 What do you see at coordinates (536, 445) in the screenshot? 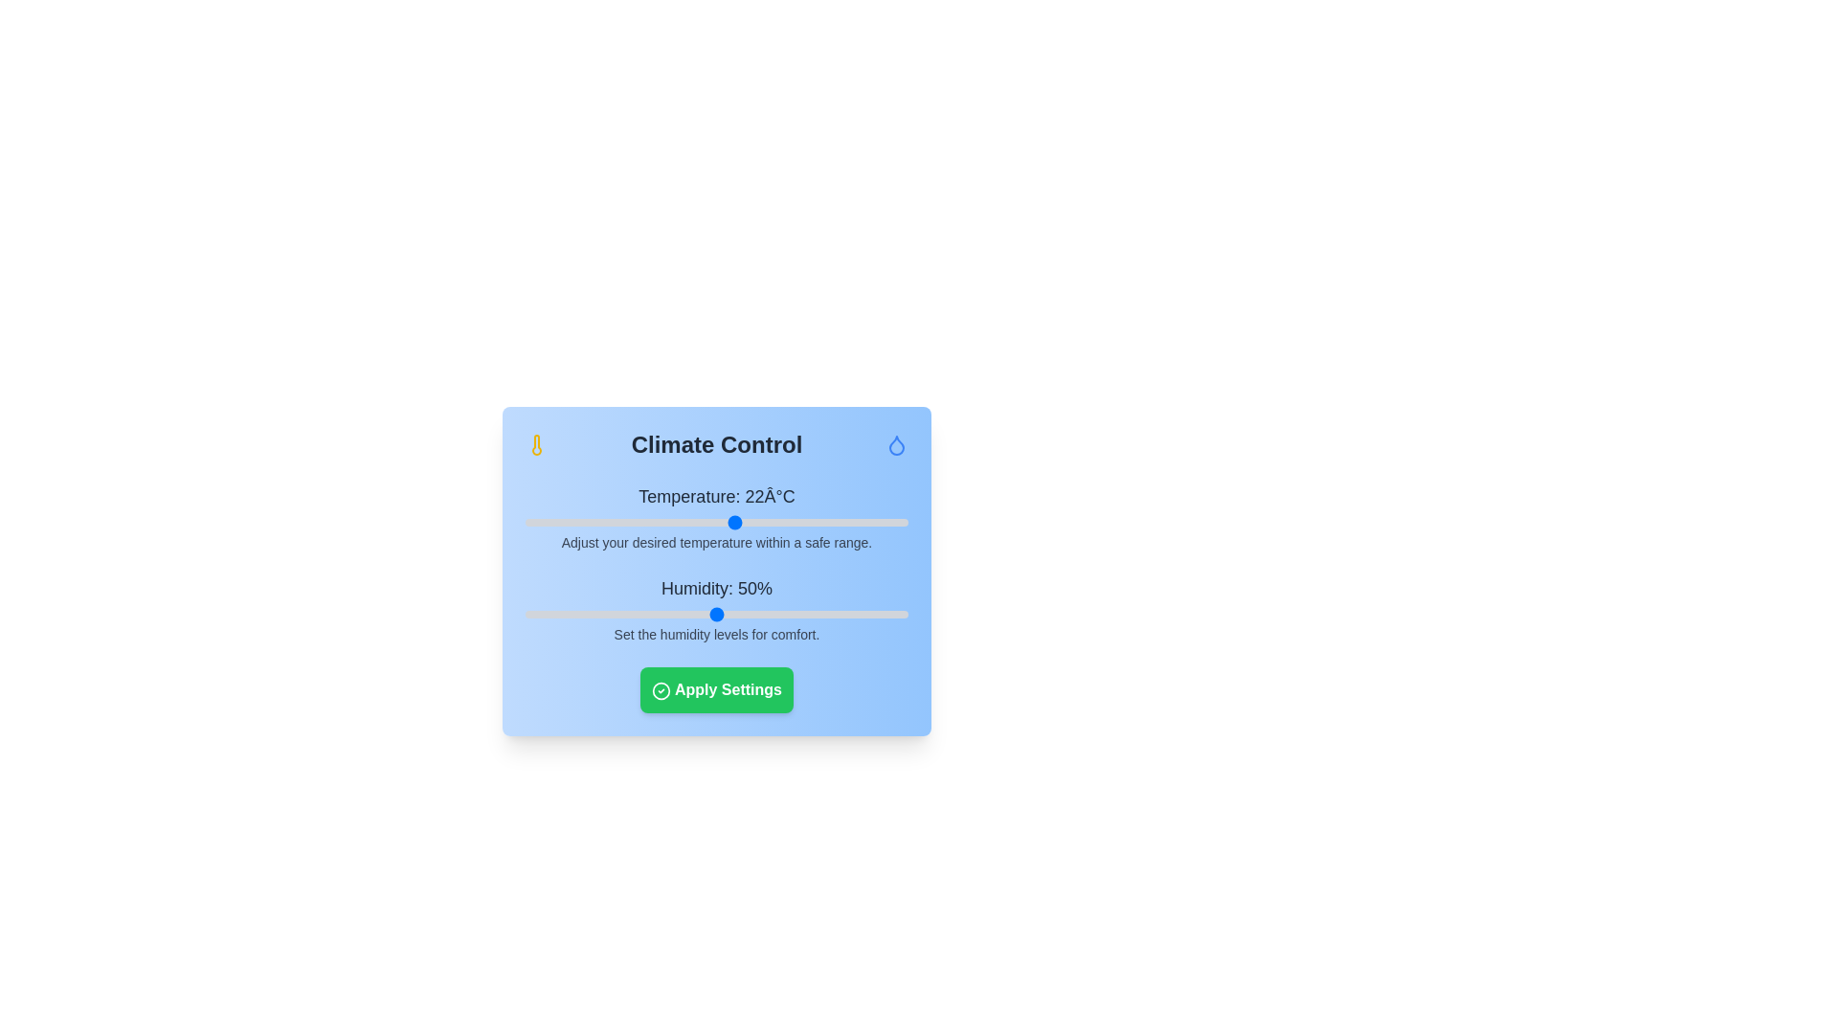
I see `the thermometer icon located at the upper-left corner of the blue card labeled 'Climate Control'` at bounding box center [536, 445].